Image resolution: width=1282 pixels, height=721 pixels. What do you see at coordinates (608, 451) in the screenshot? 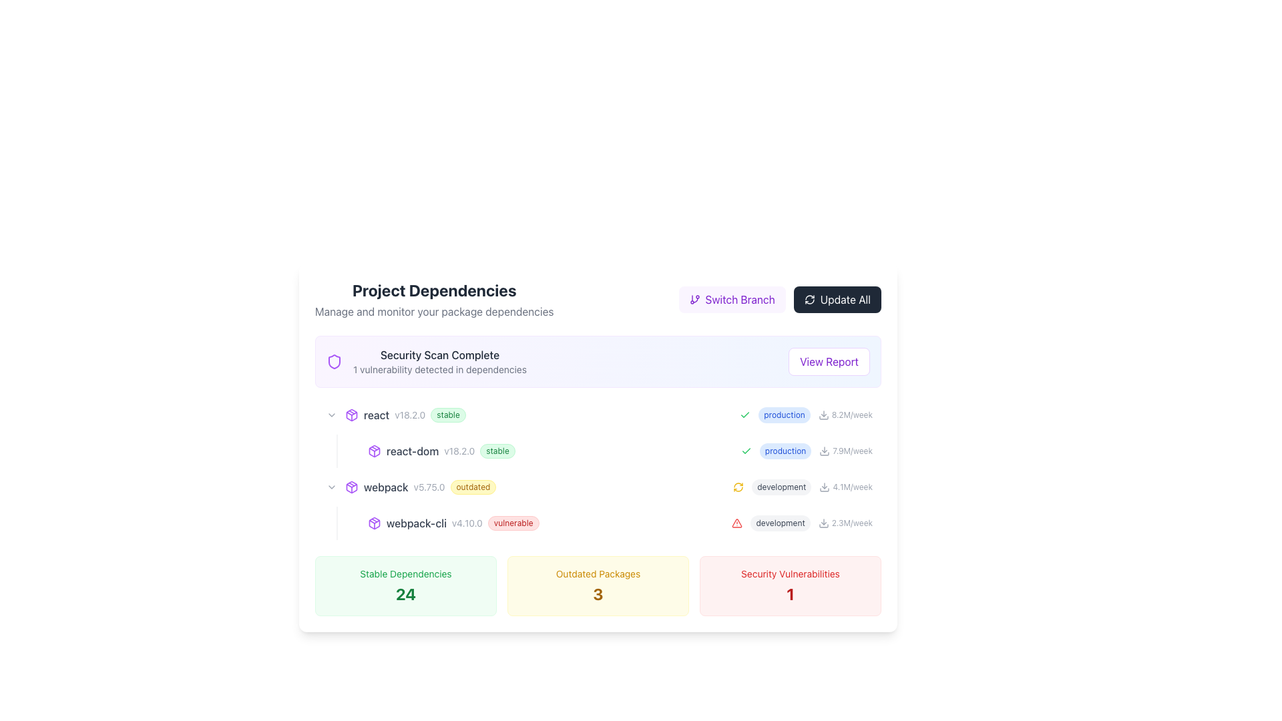
I see `details of the second item in the list of software dependencies, which provides information about the 'react-dom' software package` at bounding box center [608, 451].